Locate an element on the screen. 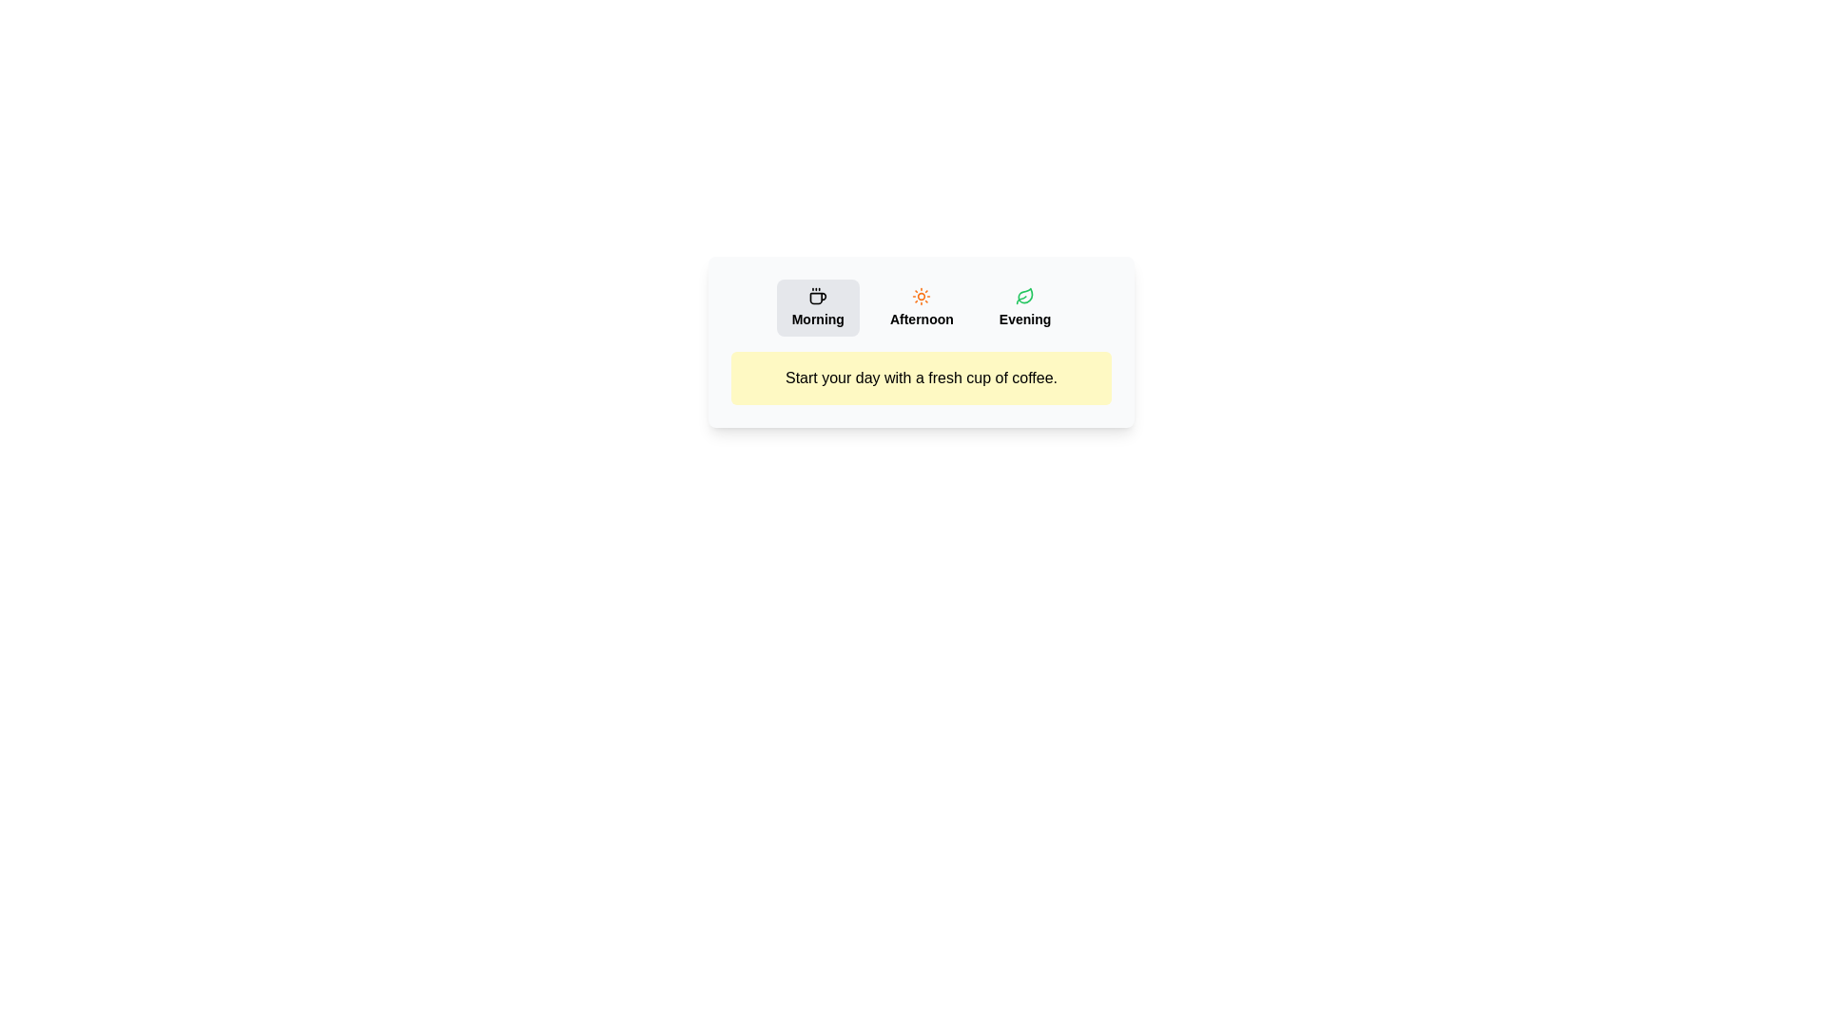 The width and height of the screenshot is (1826, 1027). the Evening tab to display its content is located at coordinates (1024, 307).